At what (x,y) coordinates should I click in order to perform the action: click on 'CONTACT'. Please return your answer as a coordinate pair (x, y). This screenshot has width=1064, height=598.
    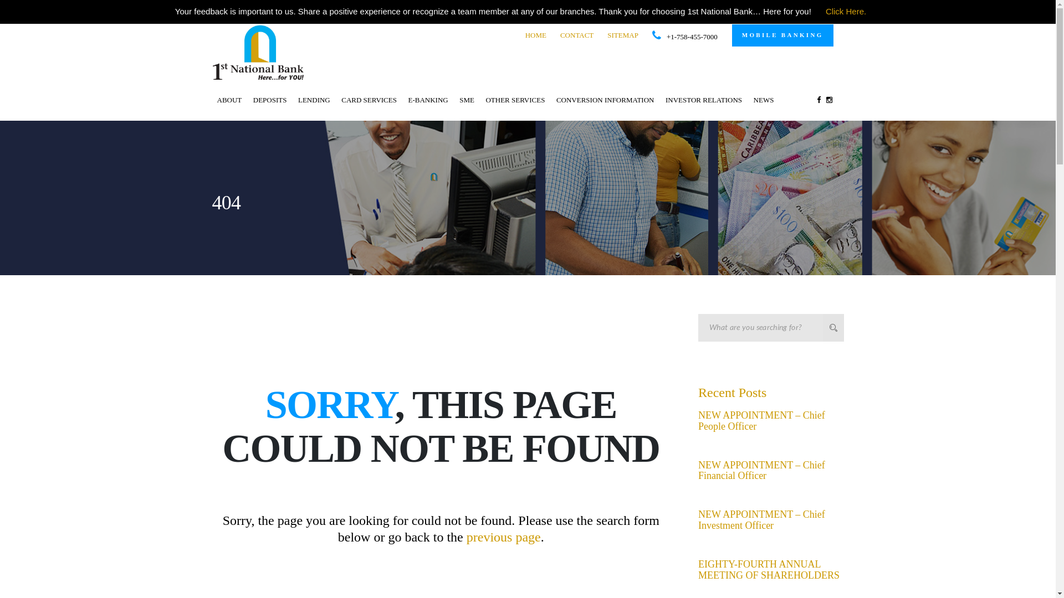
    Looking at the image, I should click on (576, 34).